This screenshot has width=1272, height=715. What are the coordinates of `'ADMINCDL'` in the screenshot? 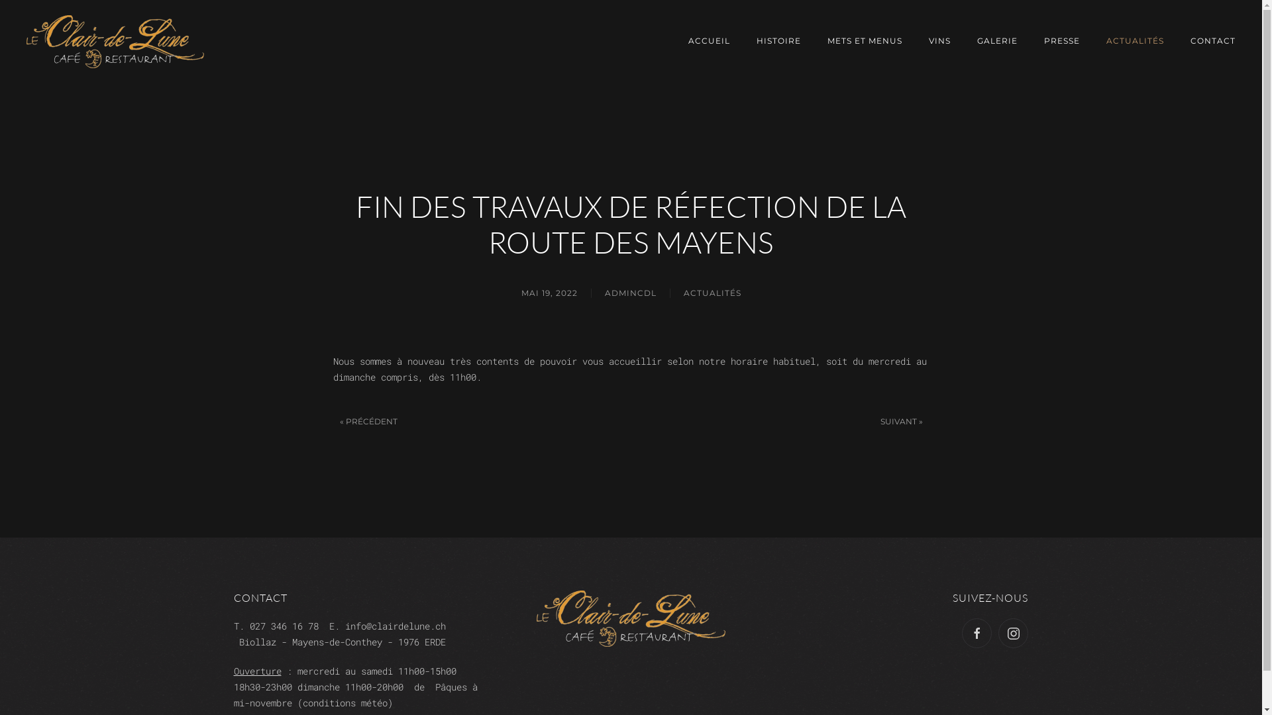 It's located at (629, 293).